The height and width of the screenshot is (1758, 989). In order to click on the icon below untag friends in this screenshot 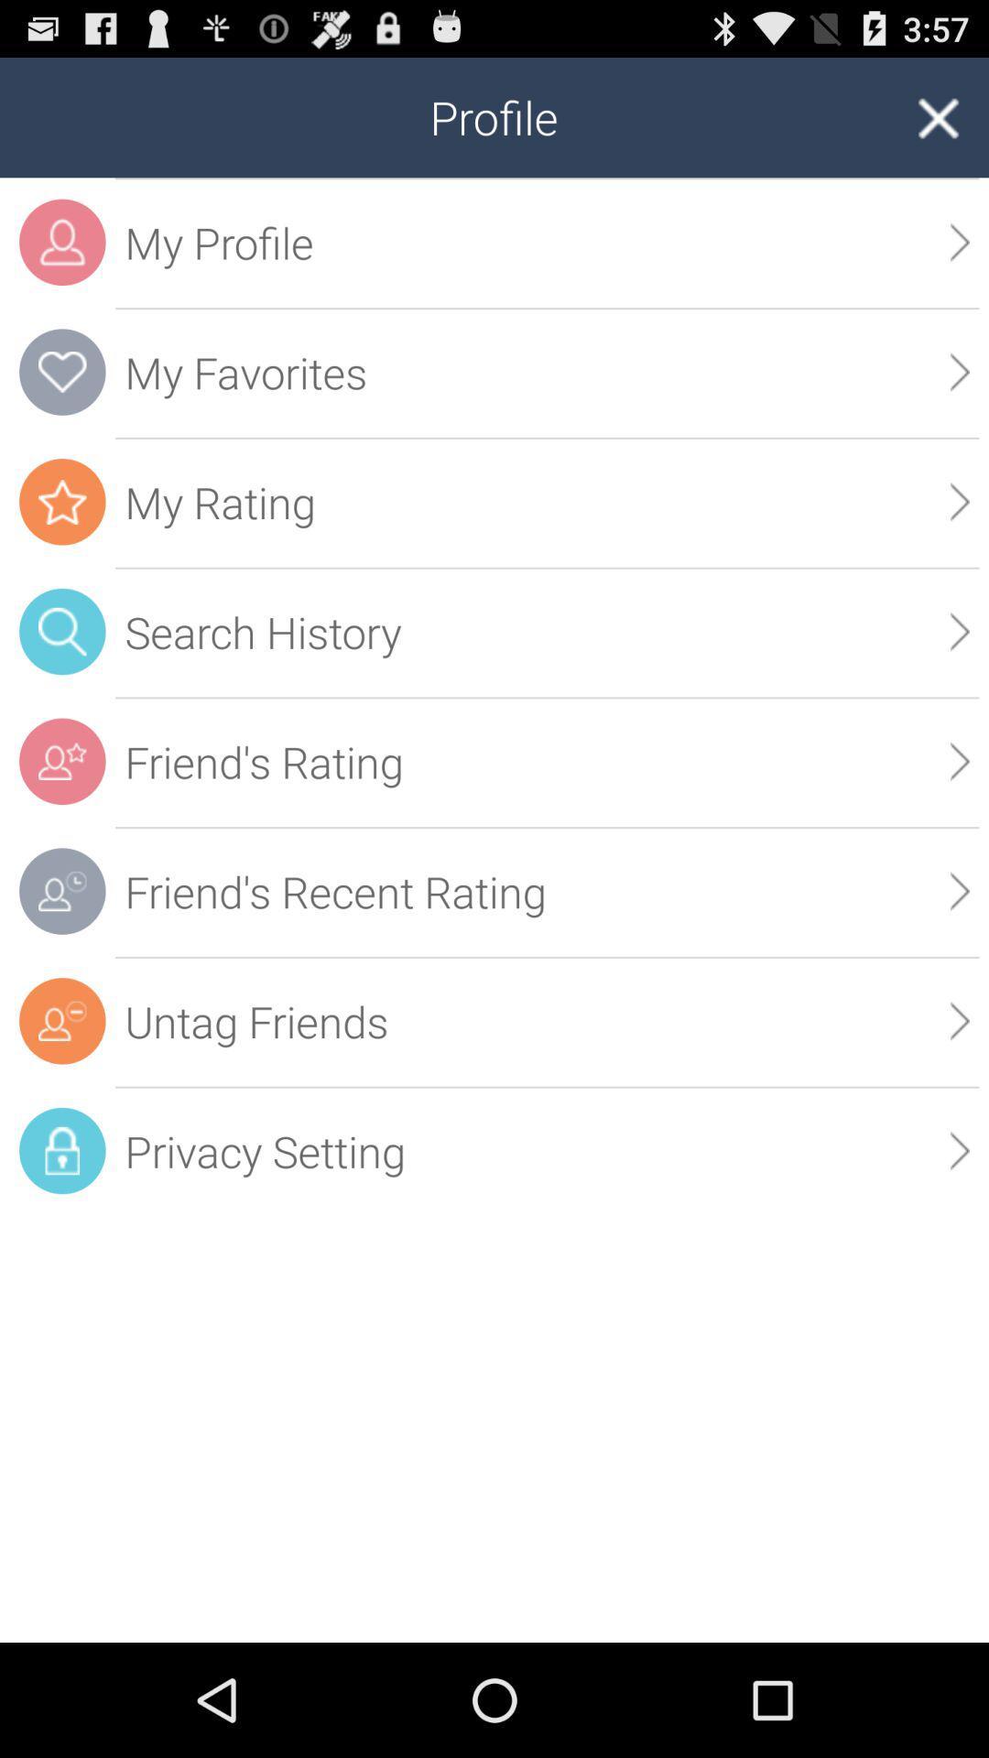, I will do `click(959, 1150)`.